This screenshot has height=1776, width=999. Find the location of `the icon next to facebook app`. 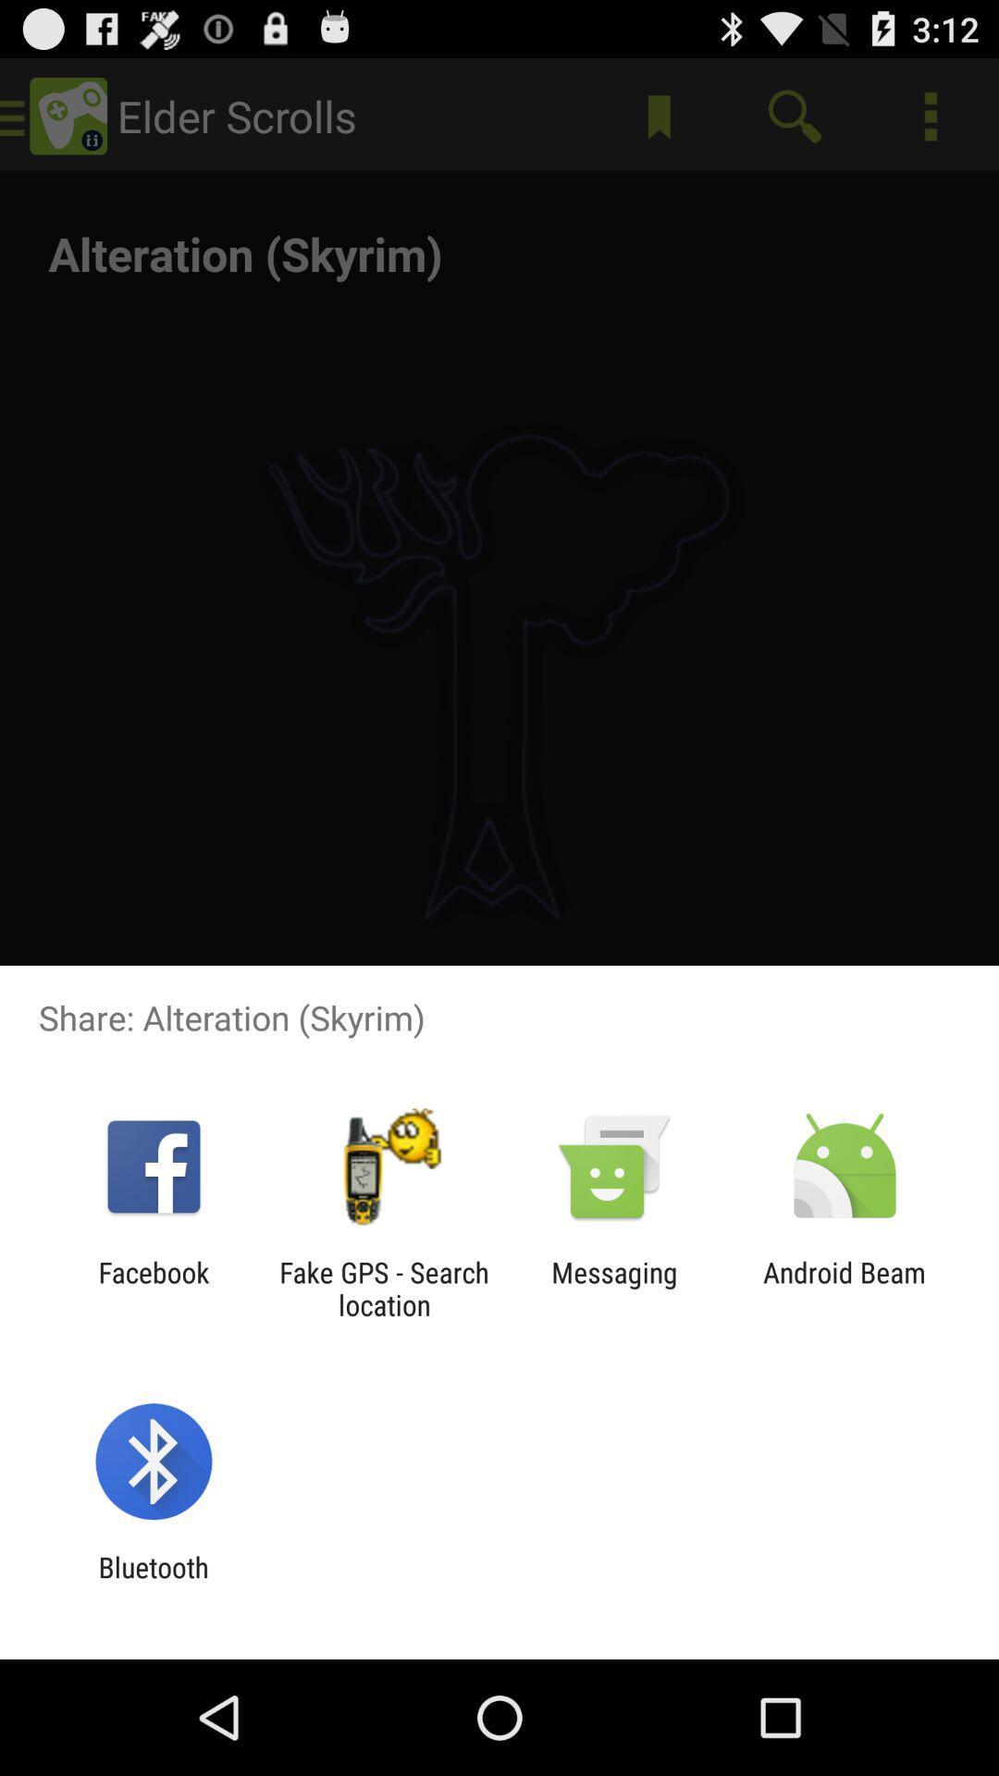

the icon next to facebook app is located at coordinates (383, 1288).